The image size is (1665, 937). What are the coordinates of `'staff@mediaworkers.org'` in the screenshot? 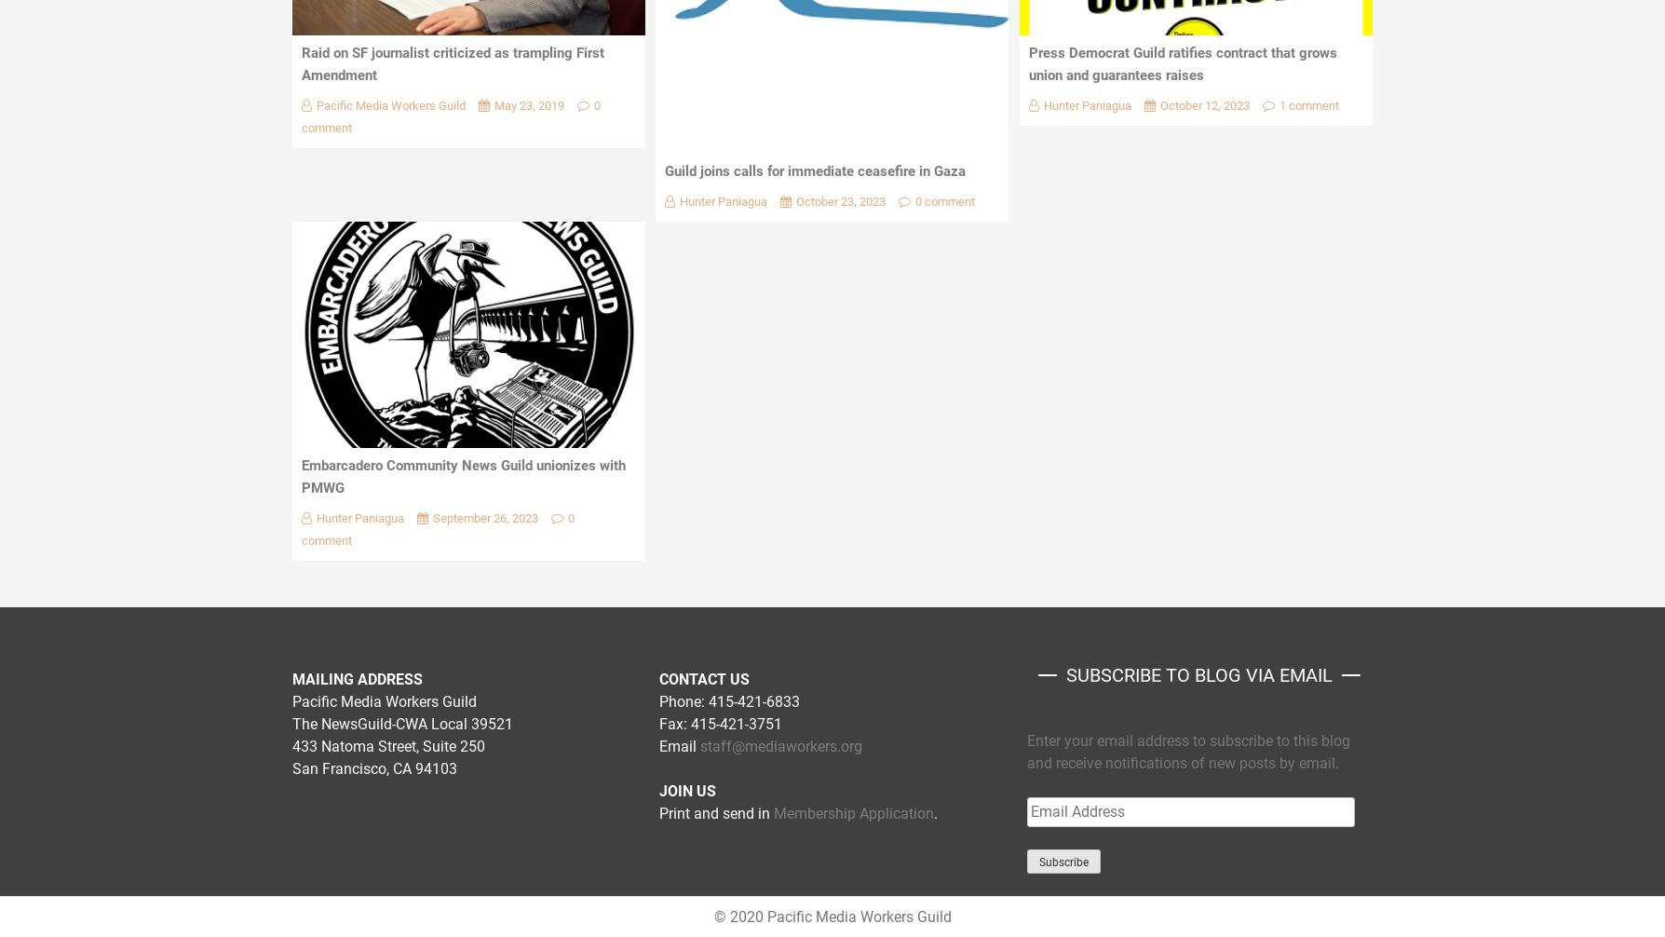 It's located at (779, 745).